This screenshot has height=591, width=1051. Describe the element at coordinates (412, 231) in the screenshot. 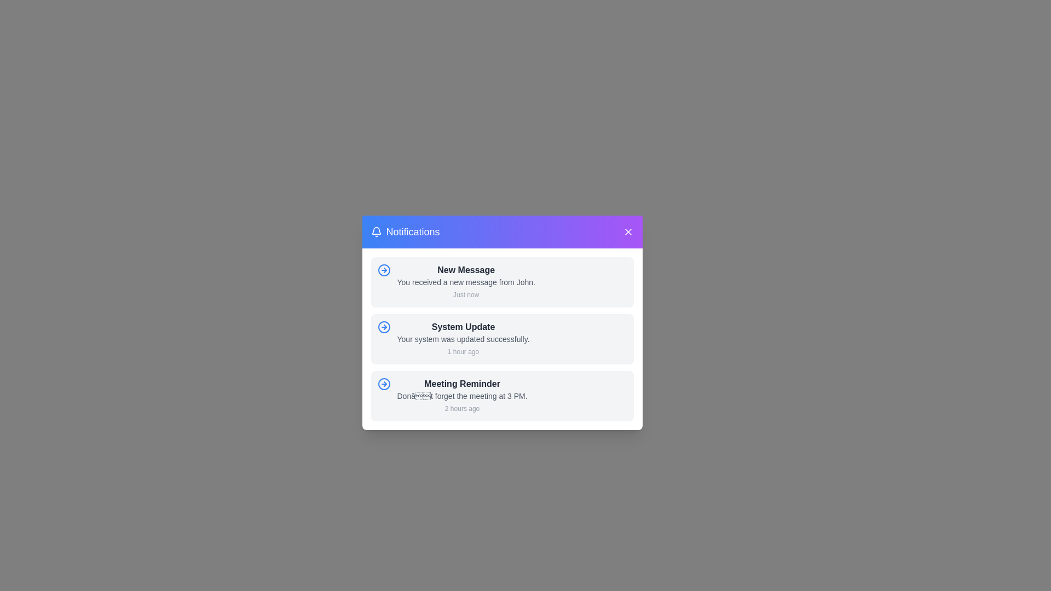

I see `the blue text label that displays 'Notifications', which is located in the gradiented header to the right of the bell icon` at that location.